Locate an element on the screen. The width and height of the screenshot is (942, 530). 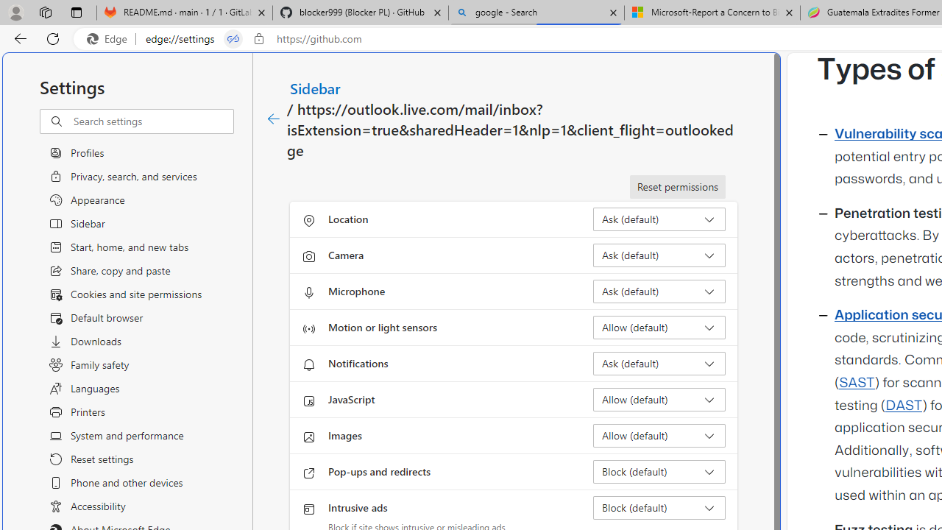
'Tabs in split screen' is located at coordinates (233, 38).